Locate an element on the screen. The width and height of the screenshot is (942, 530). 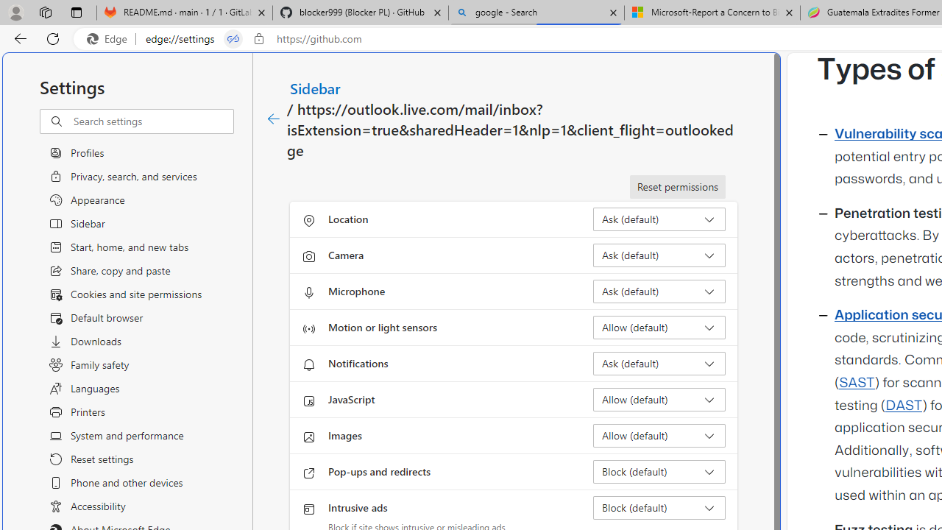
'Tabs in split screen' is located at coordinates (233, 38).